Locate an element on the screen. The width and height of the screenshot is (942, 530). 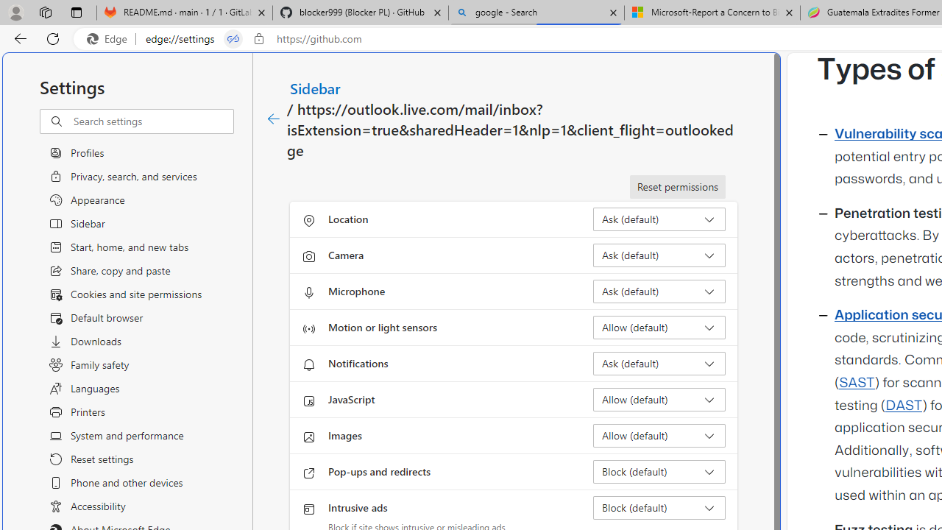
'Tabs in split screen' is located at coordinates (233, 38).